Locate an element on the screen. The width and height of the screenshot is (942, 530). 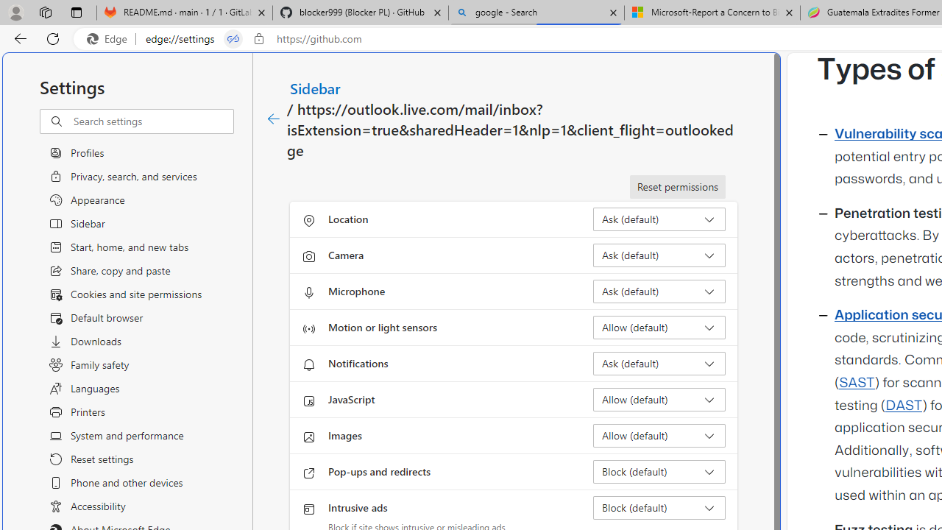
'Tabs in split screen' is located at coordinates (233, 38).